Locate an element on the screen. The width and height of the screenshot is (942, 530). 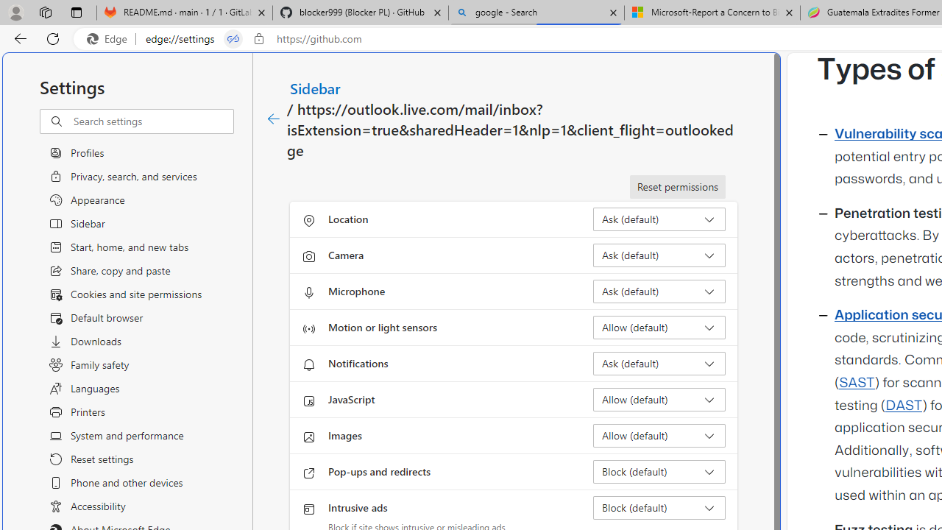
'Tabs in split screen' is located at coordinates (233, 38).